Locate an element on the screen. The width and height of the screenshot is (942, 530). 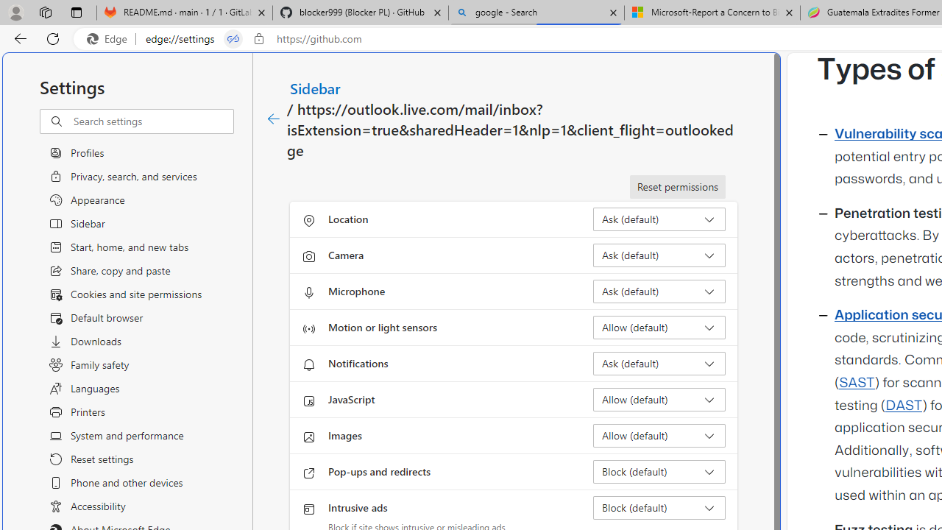
'Tabs in split screen' is located at coordinates (233, 38).